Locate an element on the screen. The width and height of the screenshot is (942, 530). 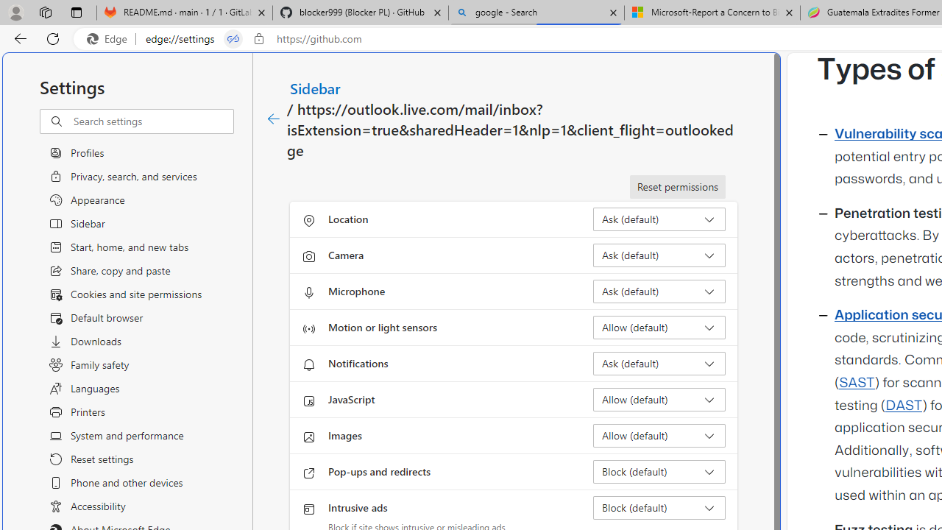
'Tabs in split screen' is located at coordinates (233, 38).